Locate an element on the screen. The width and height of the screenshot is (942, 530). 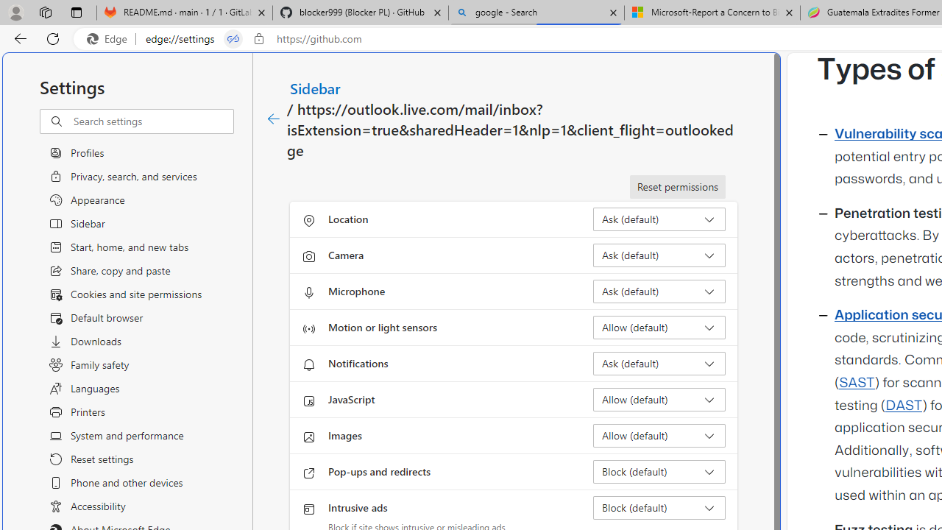
'Tabs in split screen' is located at coordinates (233, 38).